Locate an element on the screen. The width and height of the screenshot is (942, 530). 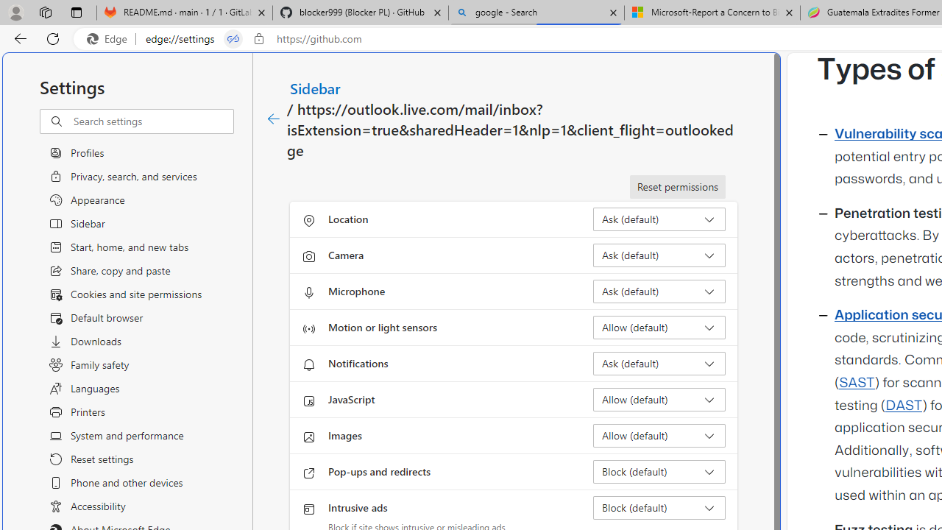
'Tabs in split screen' is located at coordinates (233, 38).